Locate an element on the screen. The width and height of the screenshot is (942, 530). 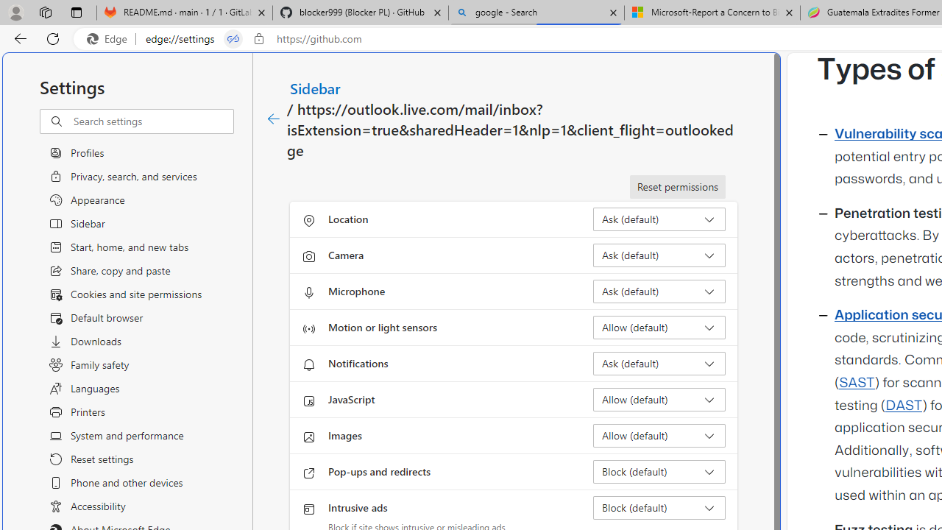
'Tabs in split screen' is located at coordinates (233, 38).